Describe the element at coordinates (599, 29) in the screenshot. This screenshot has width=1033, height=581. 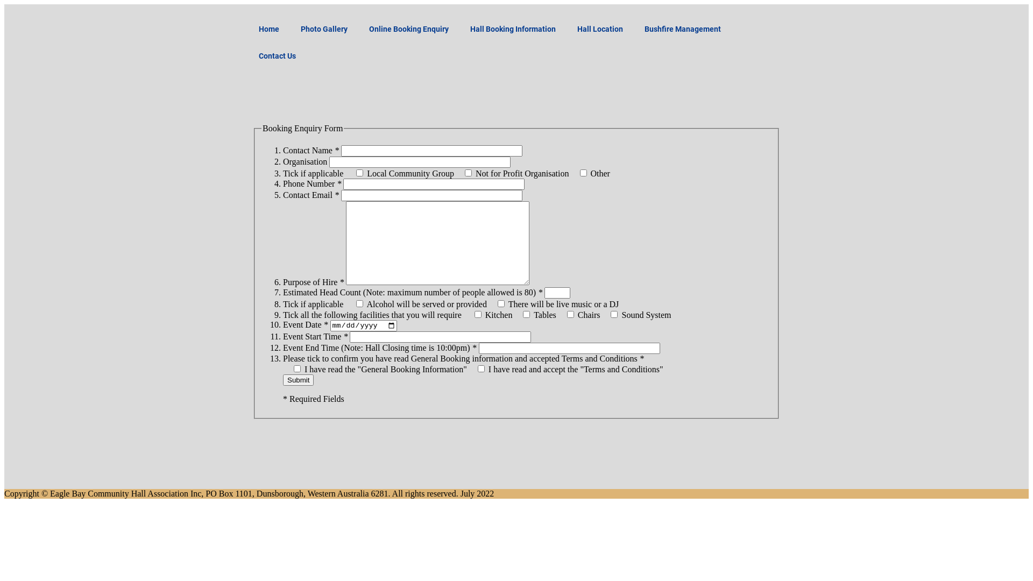
I see `'Hall Location'` at that location.